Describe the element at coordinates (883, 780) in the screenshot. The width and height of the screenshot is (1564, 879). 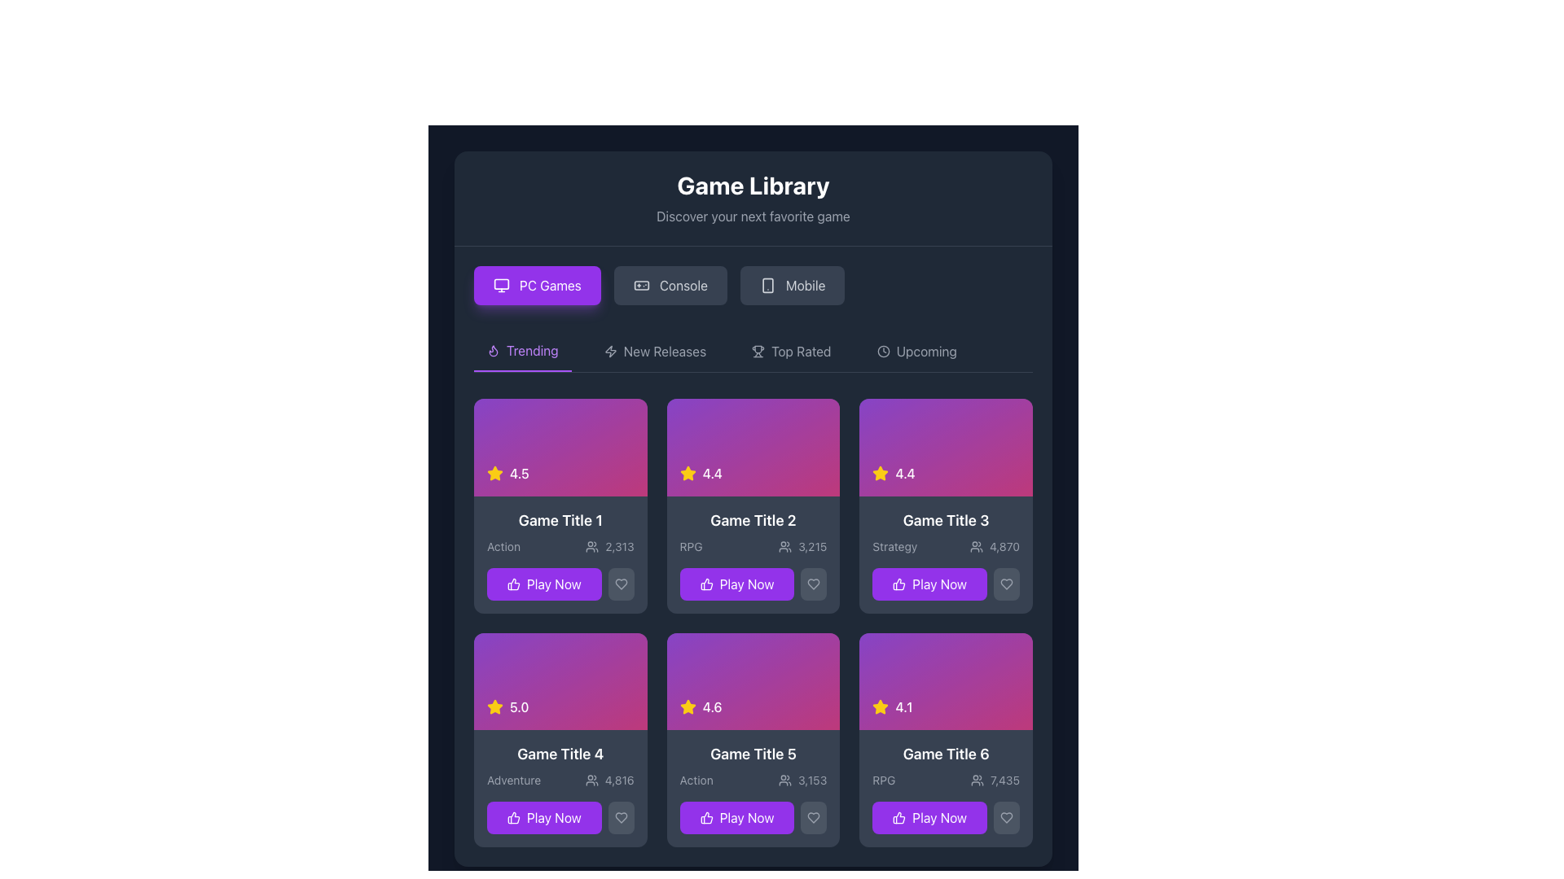
I see `the text label indicating the 'RPG' genre, which displays 'RPG7,435' and is positioned above the 'Play Now' button` at that location.